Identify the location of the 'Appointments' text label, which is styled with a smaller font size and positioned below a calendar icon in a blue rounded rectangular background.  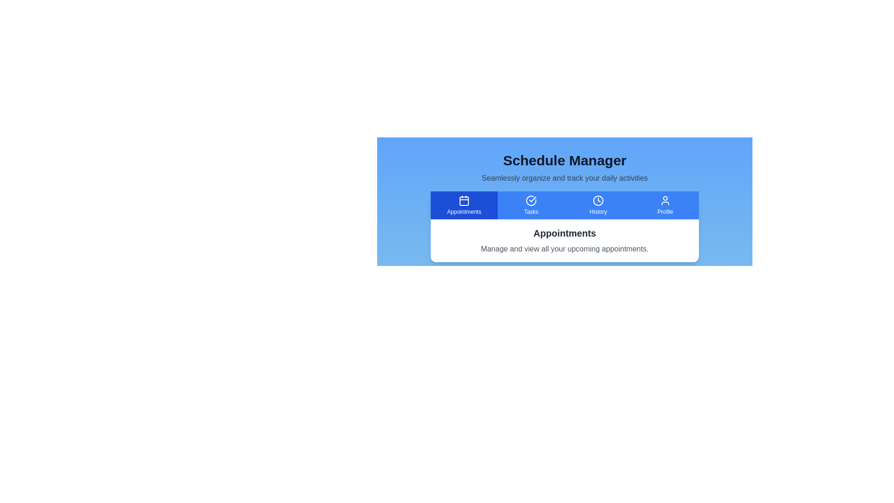
(464, 212).